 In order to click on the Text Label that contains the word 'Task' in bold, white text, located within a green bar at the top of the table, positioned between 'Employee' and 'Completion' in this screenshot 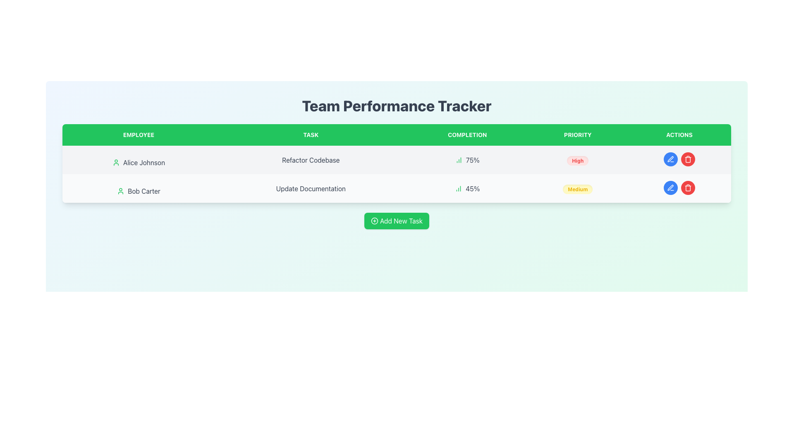, I will do `click(310, 135)`.